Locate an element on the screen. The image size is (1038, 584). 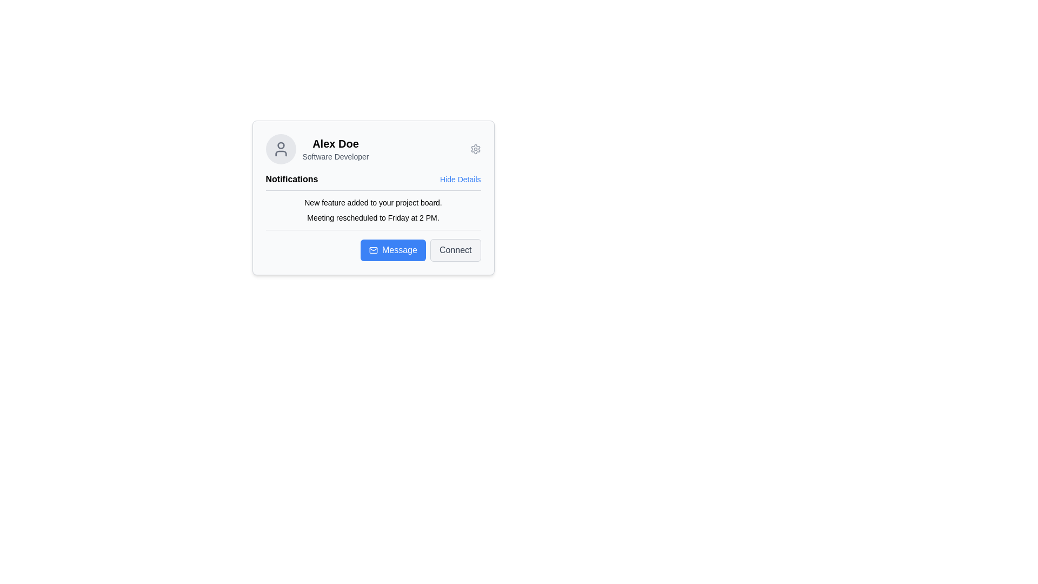
user's name and designation displayed in the text block located to the right of the circular profile image in the profile section of the card layout is located at coordinates (335, 149).